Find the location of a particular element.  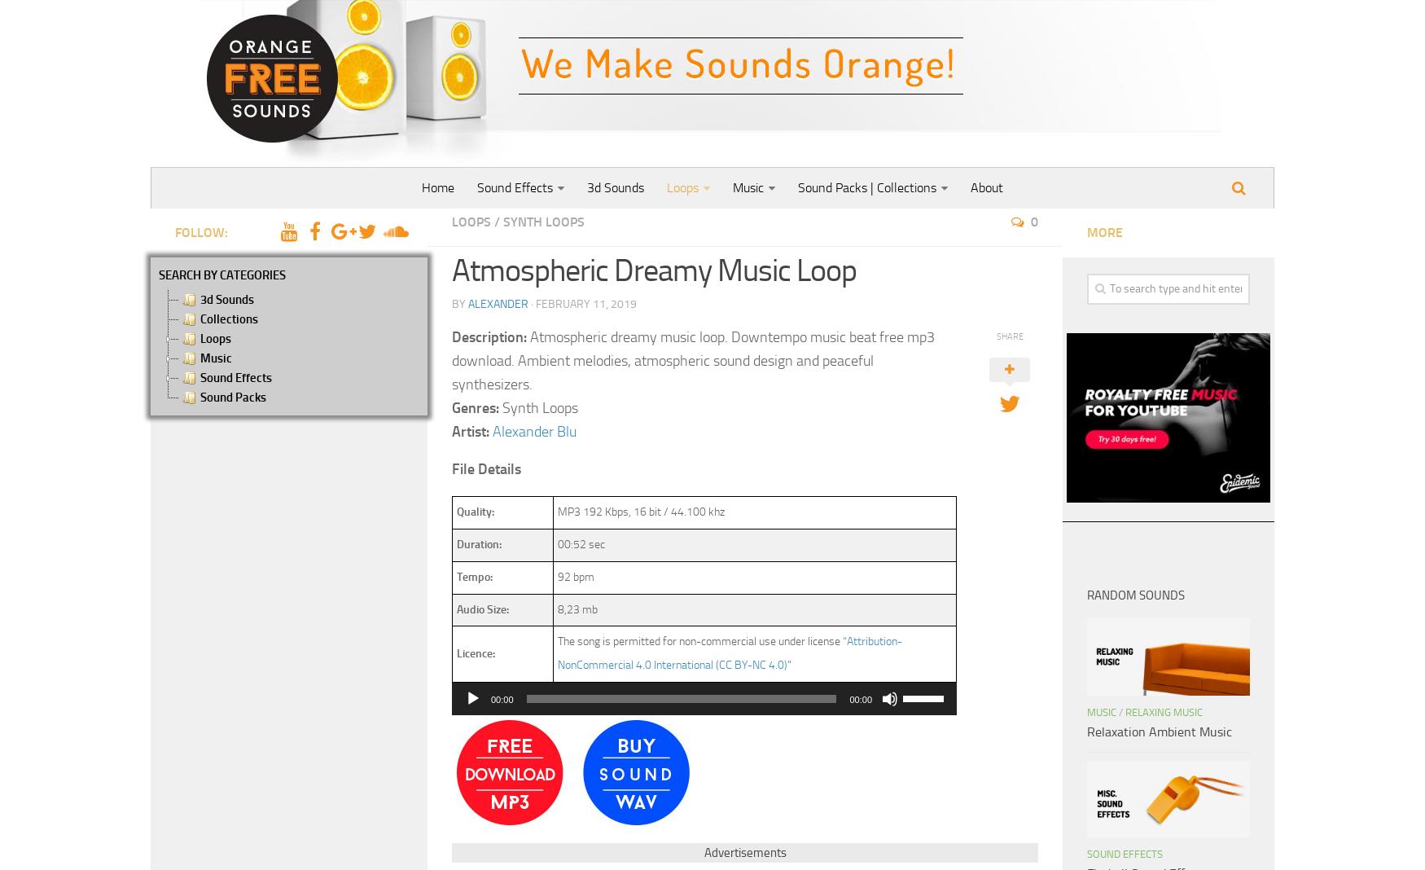

'Licence:' is located at coordinates (456, 652).